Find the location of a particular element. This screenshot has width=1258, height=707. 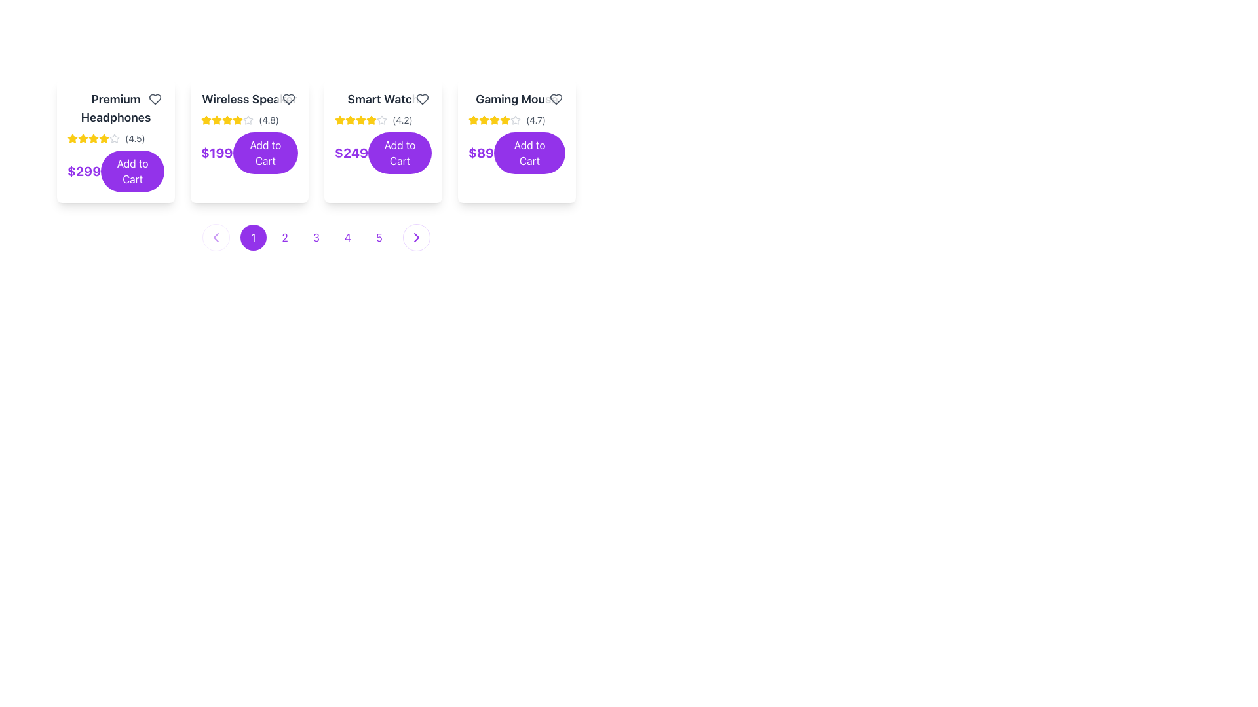

the third star in the 5-star rating system for the 'Smart Watch' product to update the rating to 3 stars is located at coordinates (350, 120).